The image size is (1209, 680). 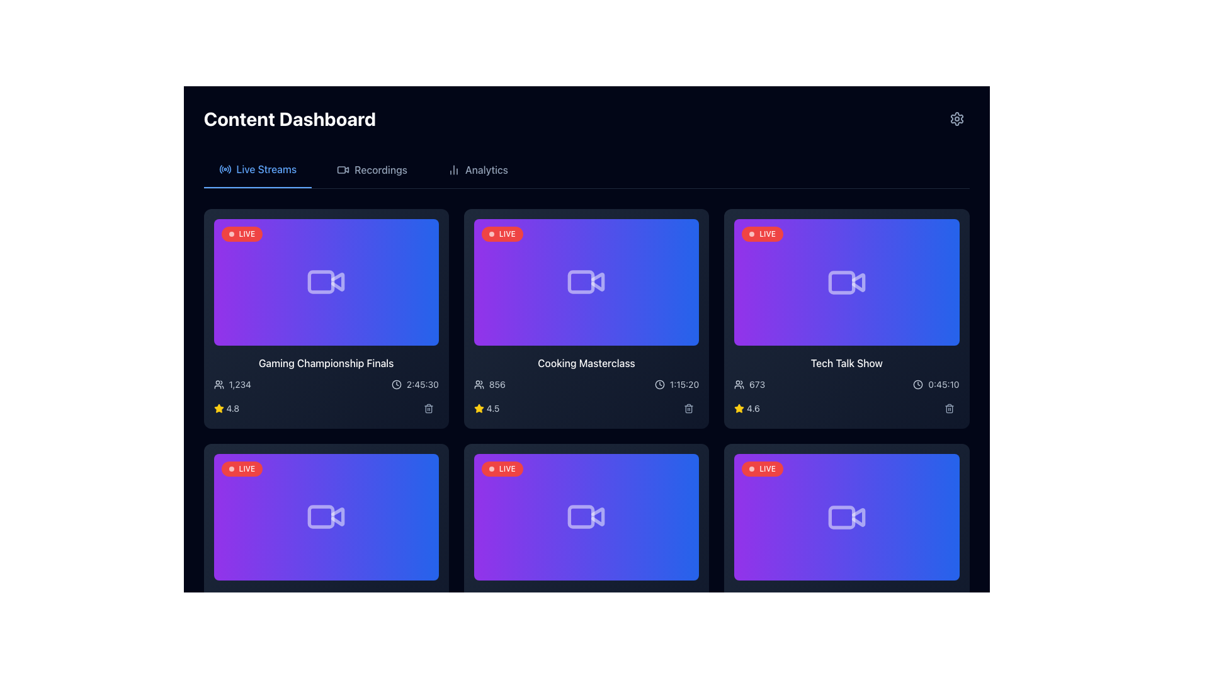 What do you see at coordinates (586, 170) in the screenshot?
I see `the 'Navigation Tab Group'` at bounding box center [586, 170].